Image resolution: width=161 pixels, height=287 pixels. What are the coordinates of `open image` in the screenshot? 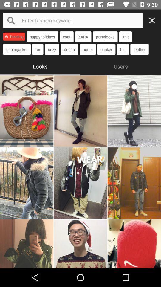 It's located at (26, 244).